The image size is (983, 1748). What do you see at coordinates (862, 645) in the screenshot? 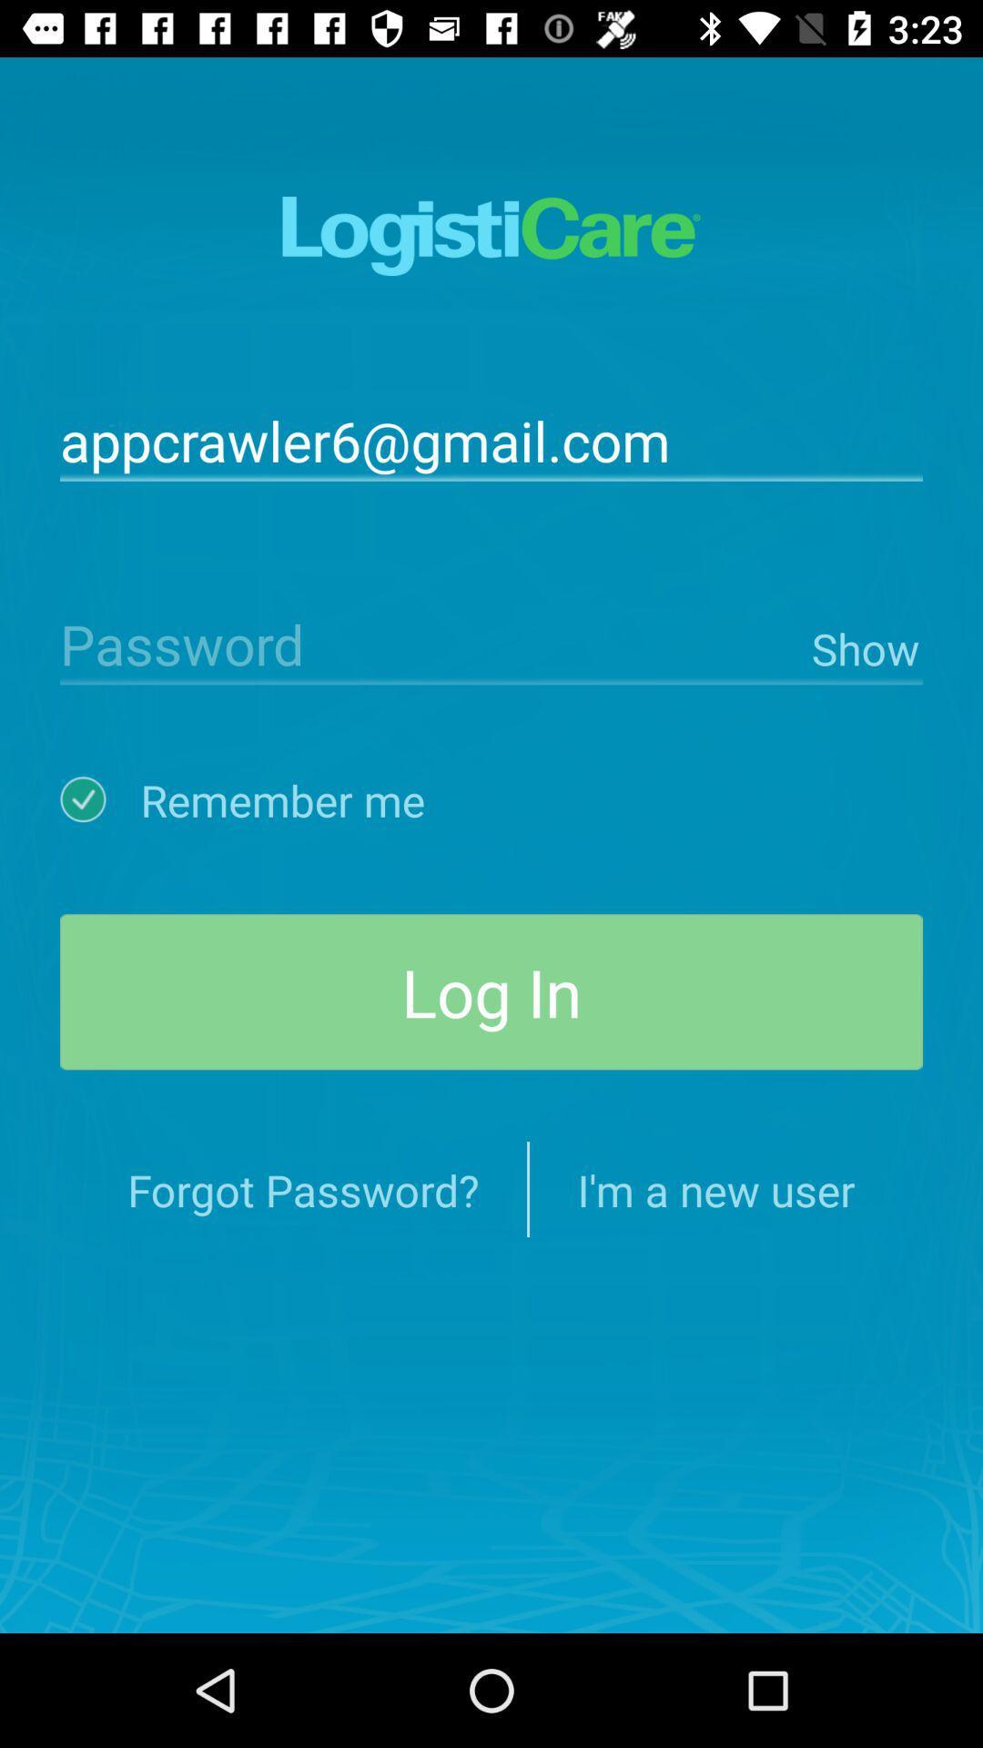
I see `item above the log in` at bounding box center [862, 645].